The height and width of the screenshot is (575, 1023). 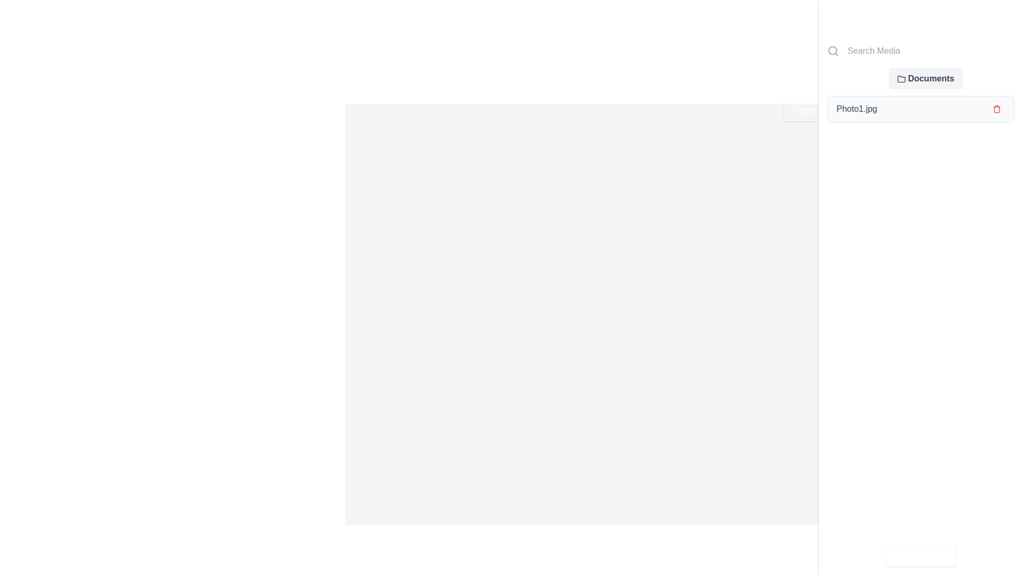 What do you see at coordinates (925, 78) in the screenshot?
I see `the 'Documents' button, which is a light gray rectangular button with rounded corners located` at bounding box center [925, 78].